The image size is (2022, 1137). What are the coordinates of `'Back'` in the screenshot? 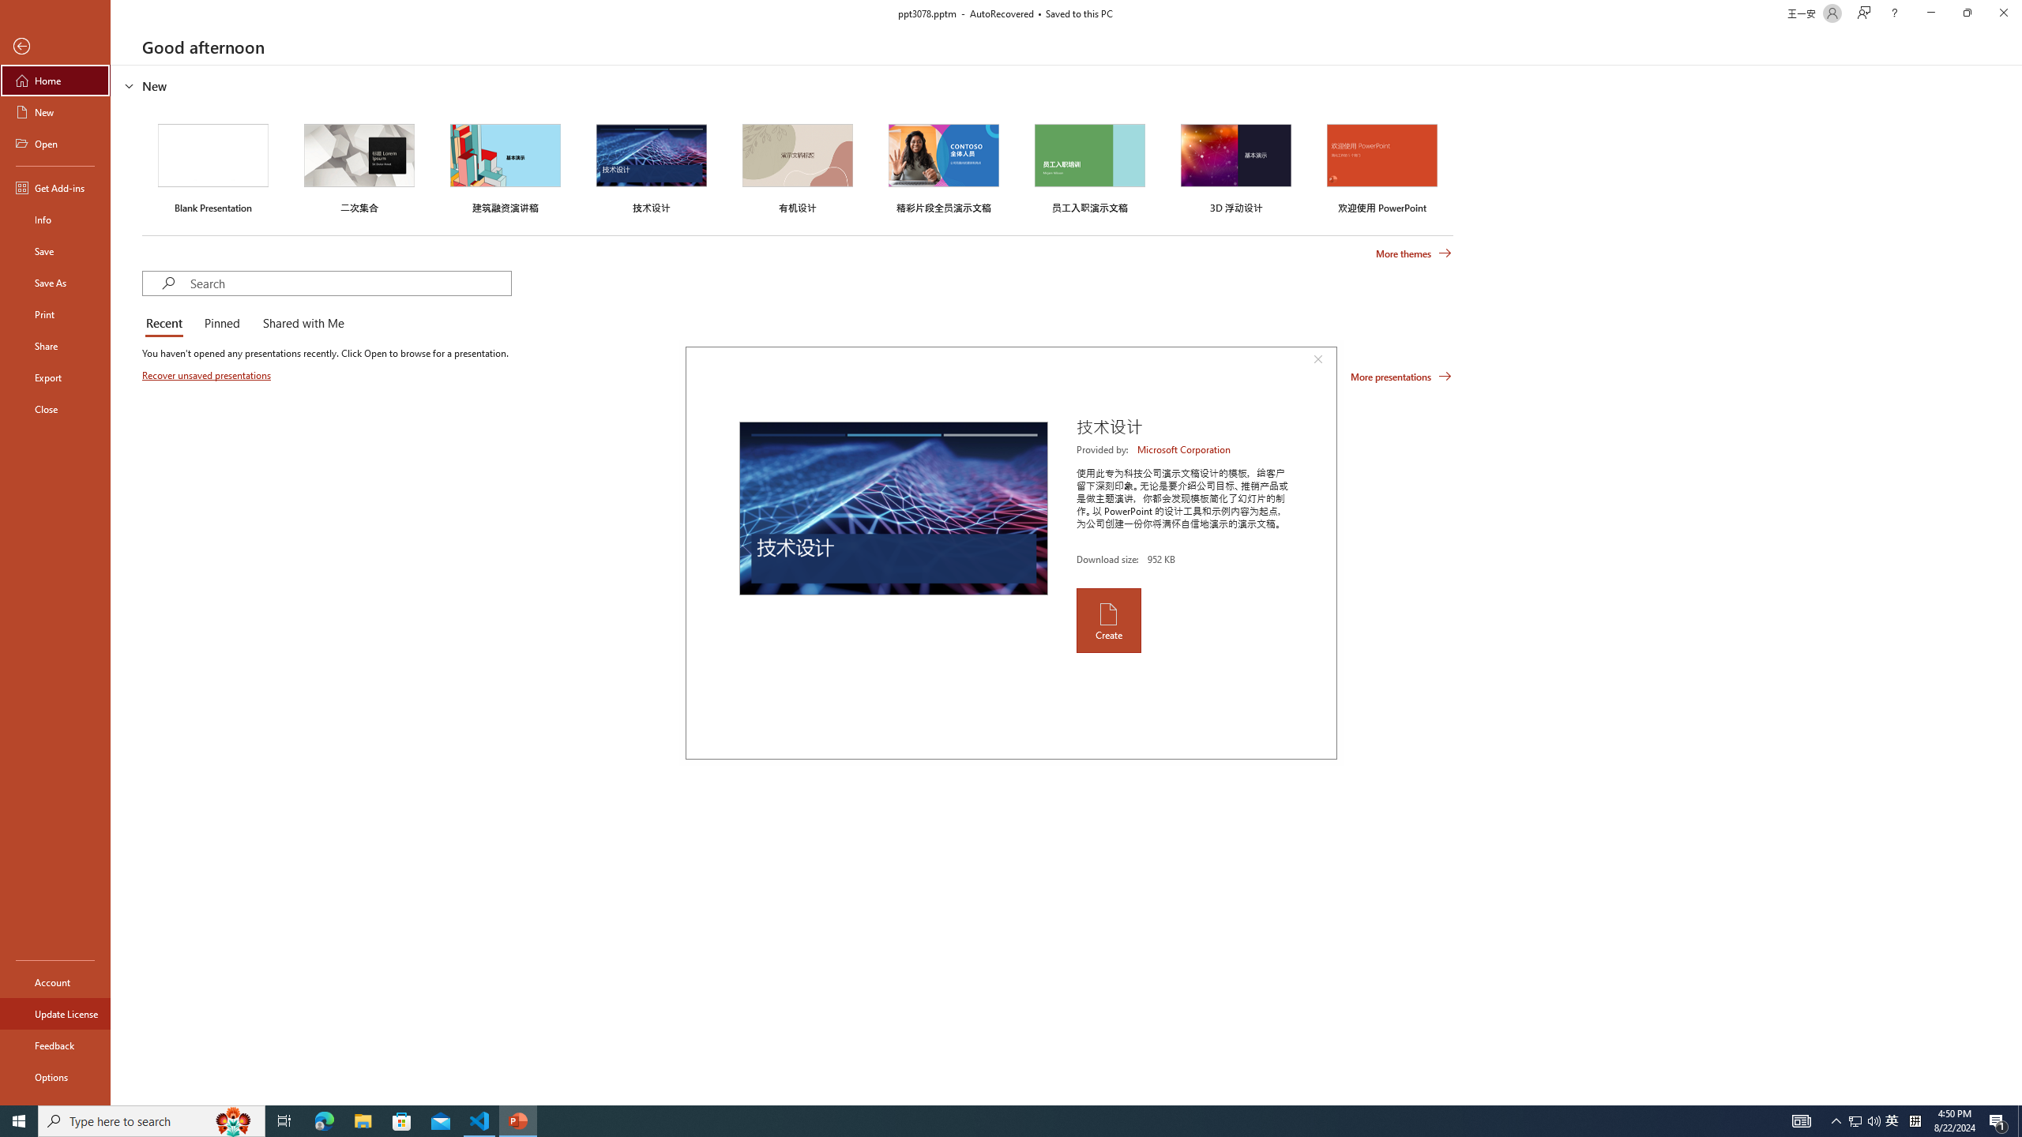 It's located at (54, 46).